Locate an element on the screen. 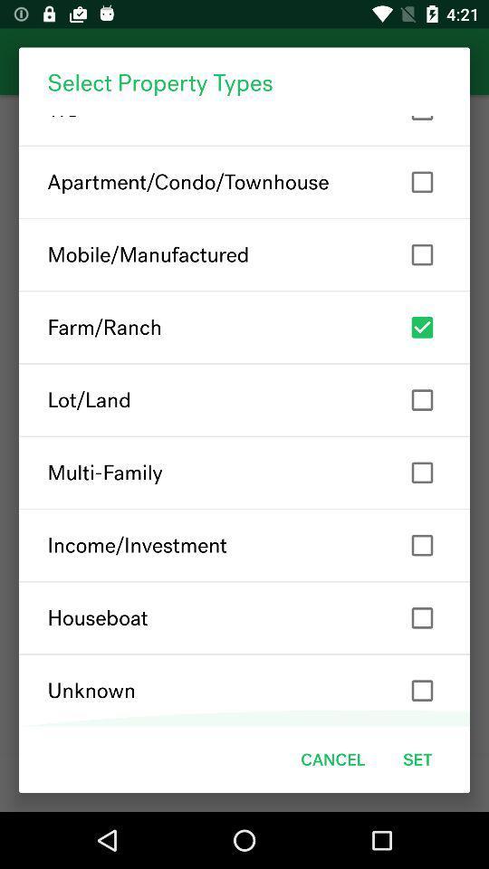  the icon above cancel is located at coordinates (244, 690).